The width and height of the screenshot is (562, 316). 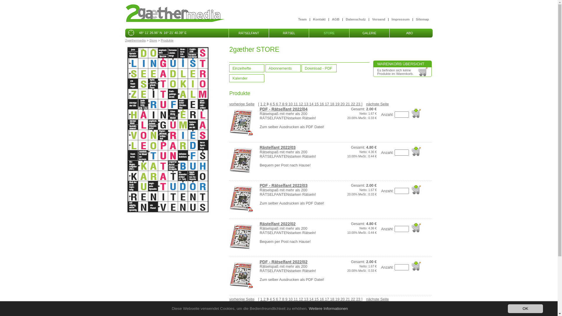 What do you see at coordinates (358, 104) in the screenshot?
I see `'23'` at bounding box center [358, 104].